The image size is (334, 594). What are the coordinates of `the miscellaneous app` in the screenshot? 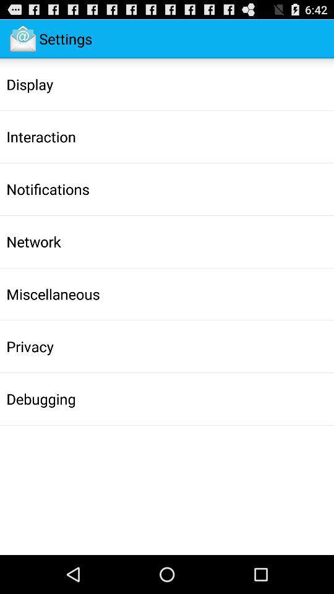 It's located at (53, 294).